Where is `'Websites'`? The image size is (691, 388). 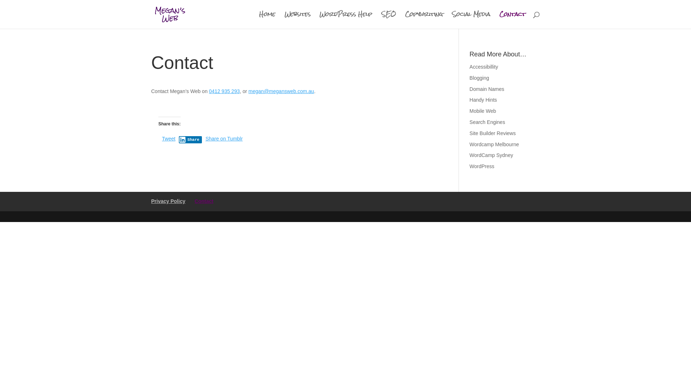
'Websites' is located at coordinates (297, 20).